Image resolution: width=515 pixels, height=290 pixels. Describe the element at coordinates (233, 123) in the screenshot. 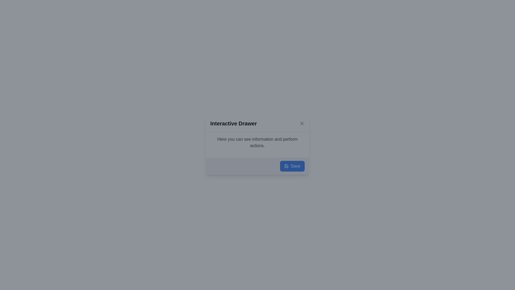

I see `text label 'Interactive Drawer' which is styled with a bold font and located at the top-left area of the header section in the dialog or drawer` at that location.